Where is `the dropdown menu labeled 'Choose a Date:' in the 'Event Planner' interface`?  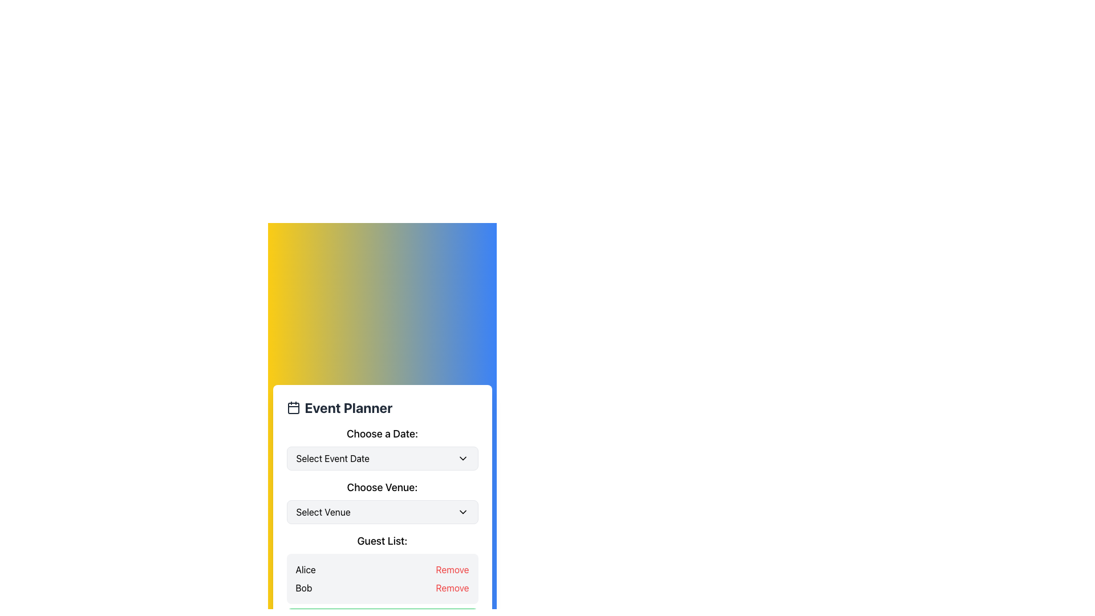
the dropdown menu labeled 'Choose a Date:' in the 'Event Planner' interface is located at coordinates (382, 448).